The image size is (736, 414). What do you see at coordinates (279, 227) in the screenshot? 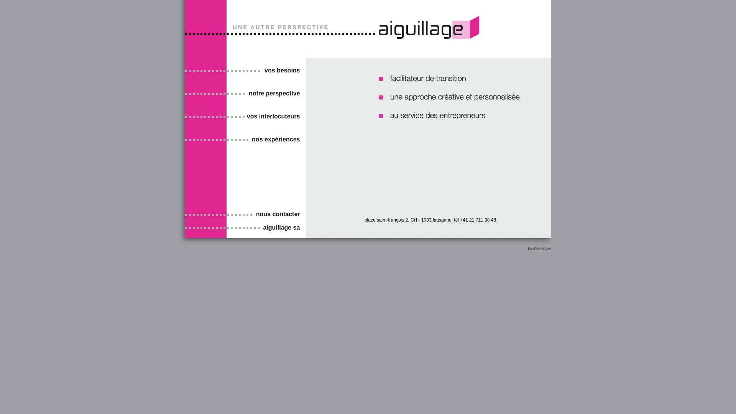
I see `'aiguillage sa'` at bounding box center [279, 227].